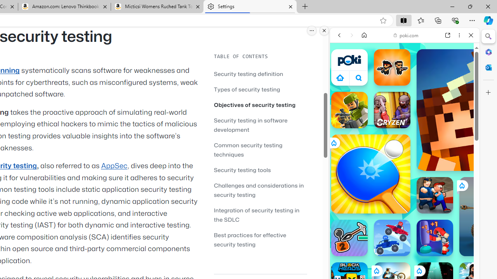  Describe the element at coordinates (392, 110) in the screenshot. I see `'Cryzen.io'` at that location.